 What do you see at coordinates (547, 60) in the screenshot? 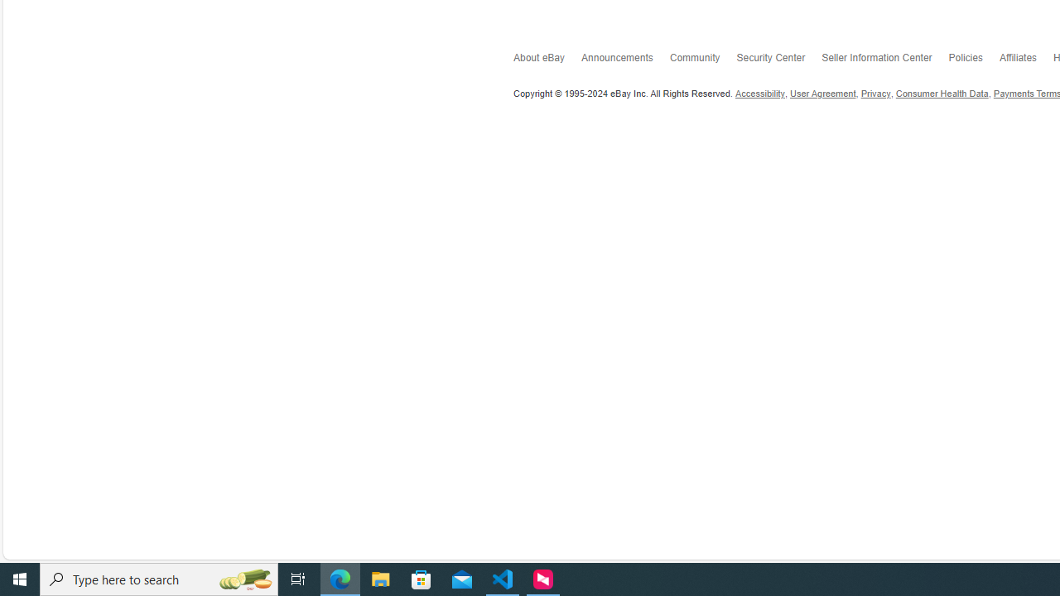
I see `'About eBay'` at bounding box center [547, 60].